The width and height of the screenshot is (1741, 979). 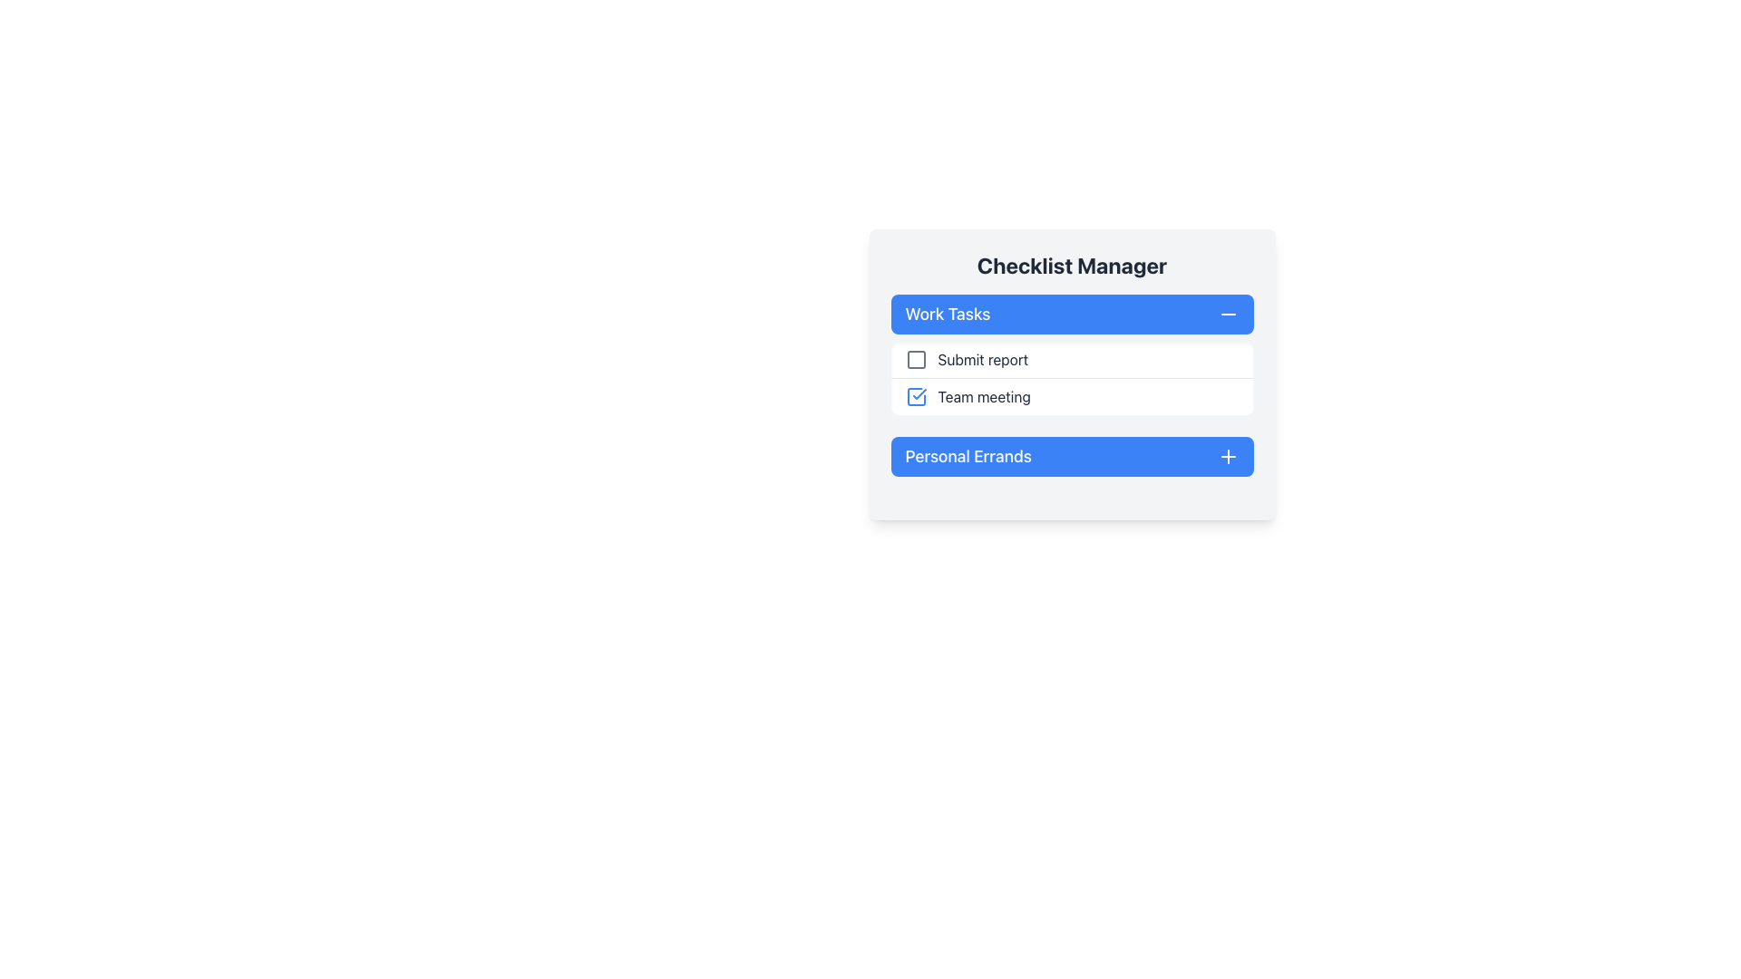 I want to click on the second row in the checklist titled 'Team meeting', so click(x=1072, y=396).